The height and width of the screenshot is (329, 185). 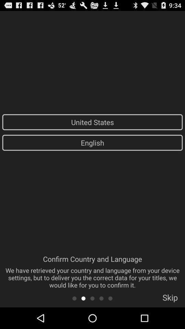 I want to click on loading meun option, so click(x=92, y=298).